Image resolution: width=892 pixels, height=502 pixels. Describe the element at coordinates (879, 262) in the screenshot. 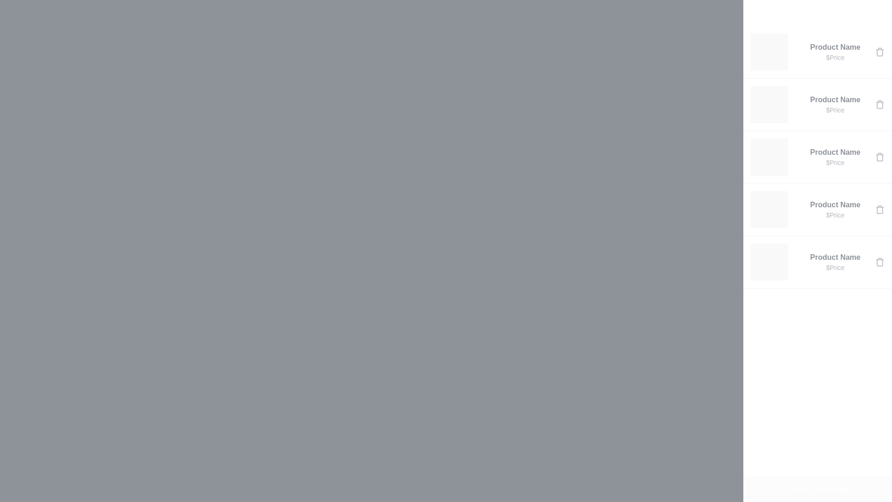

I see `the Trash Bin icon located at the rightmost position in the product information row to initiate a delete action` at that location.